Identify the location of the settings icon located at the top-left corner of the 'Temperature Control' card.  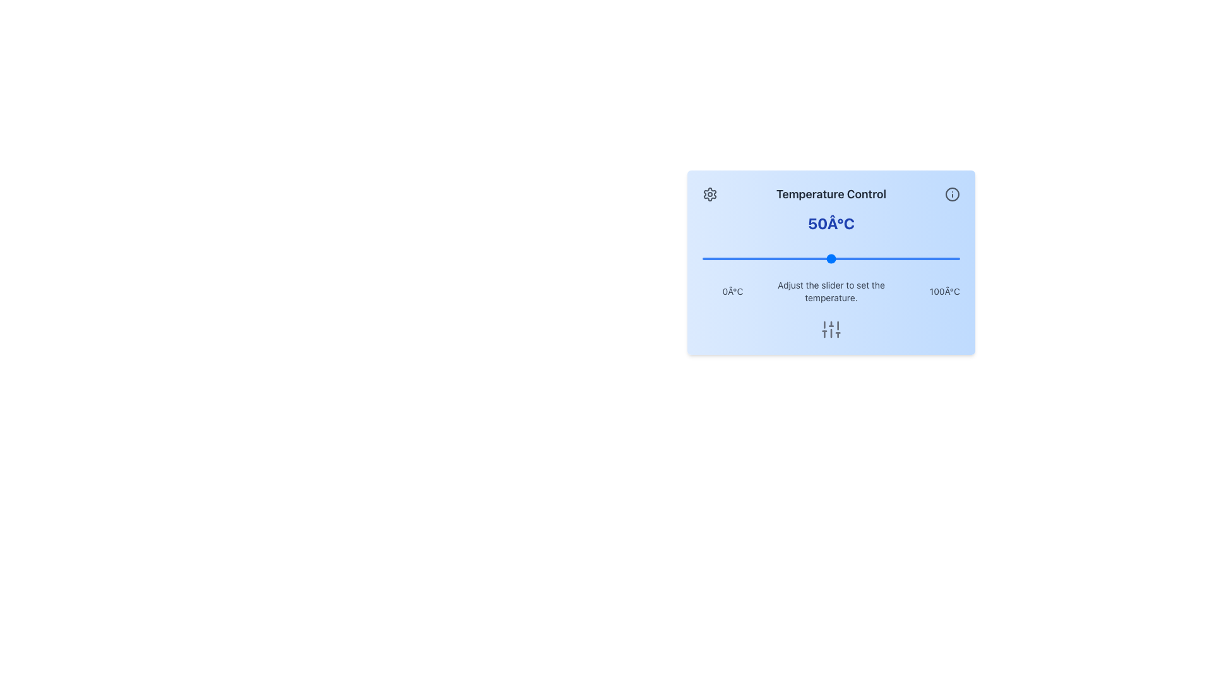
(710, 194).